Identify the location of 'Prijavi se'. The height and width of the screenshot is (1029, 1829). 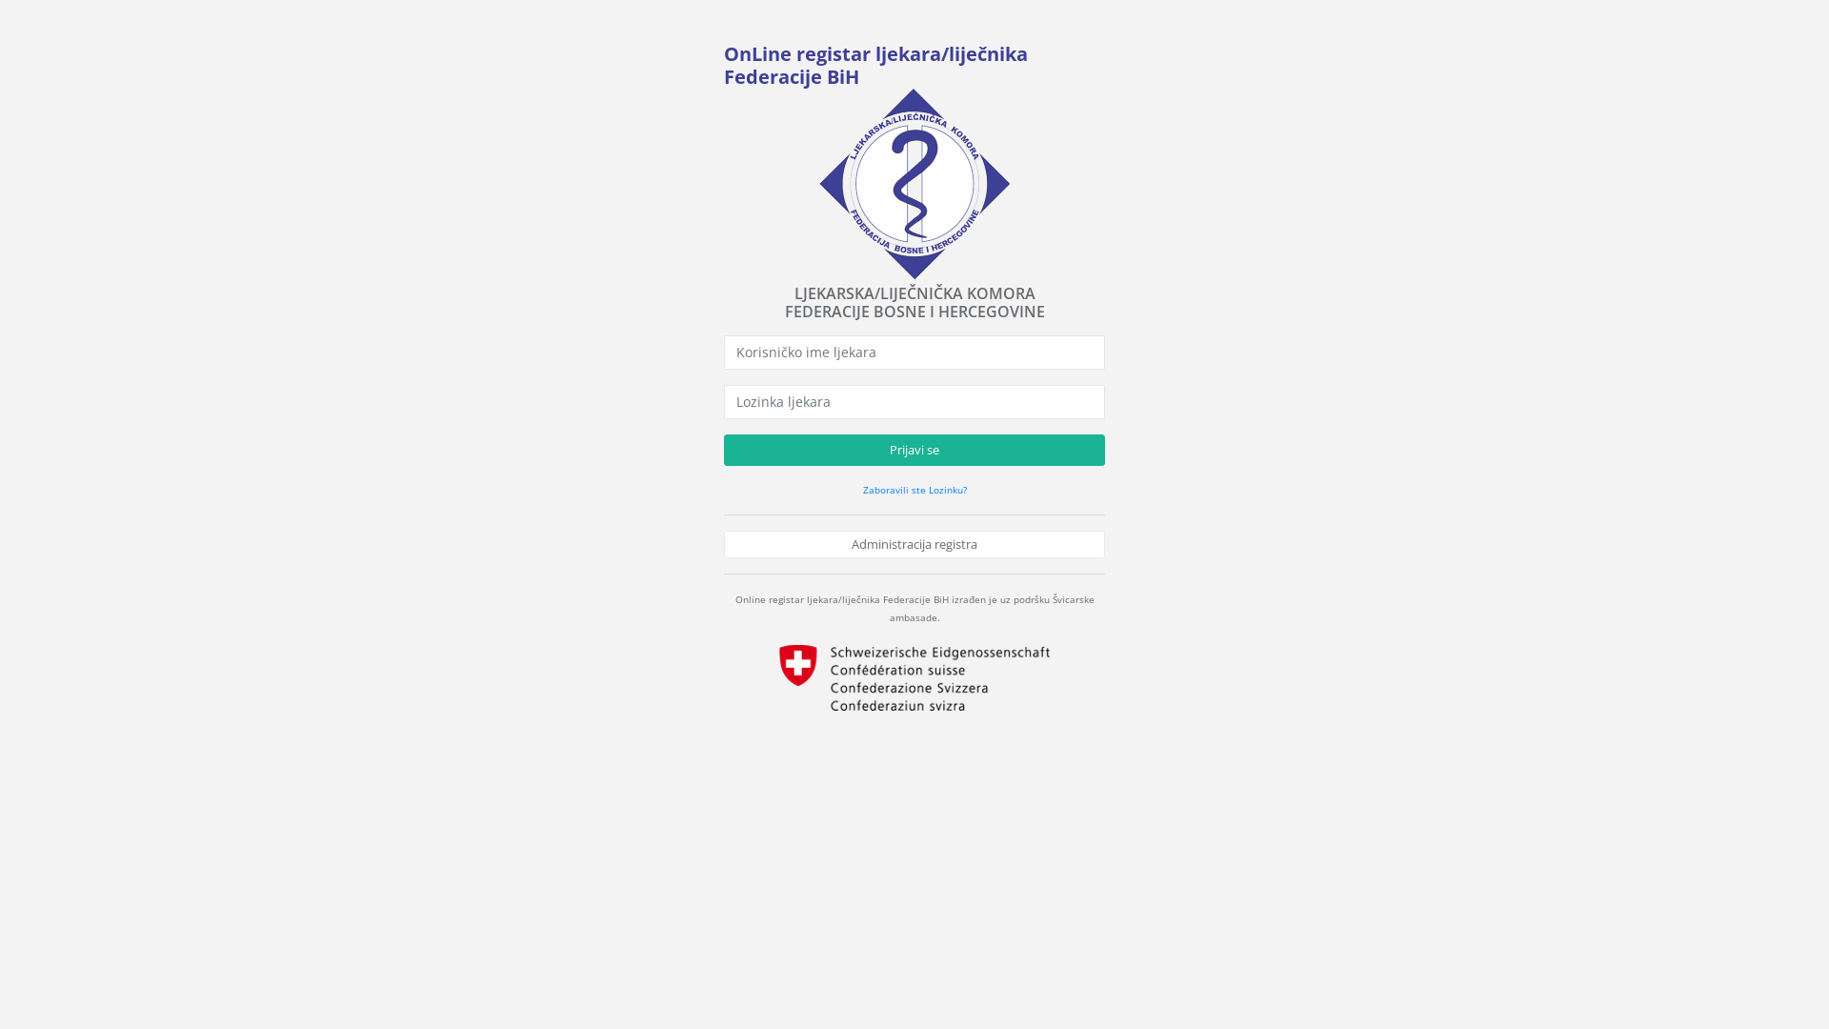
(914, 451).